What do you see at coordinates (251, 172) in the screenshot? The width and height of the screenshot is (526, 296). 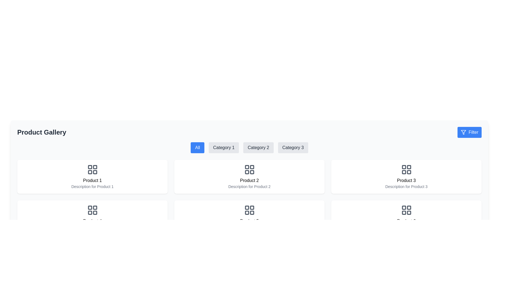 I see `the bottom-right grid cell of the grid icon within the 'Product 2' card, which is part of the product cards on the page` at bounding box center [251, 172].